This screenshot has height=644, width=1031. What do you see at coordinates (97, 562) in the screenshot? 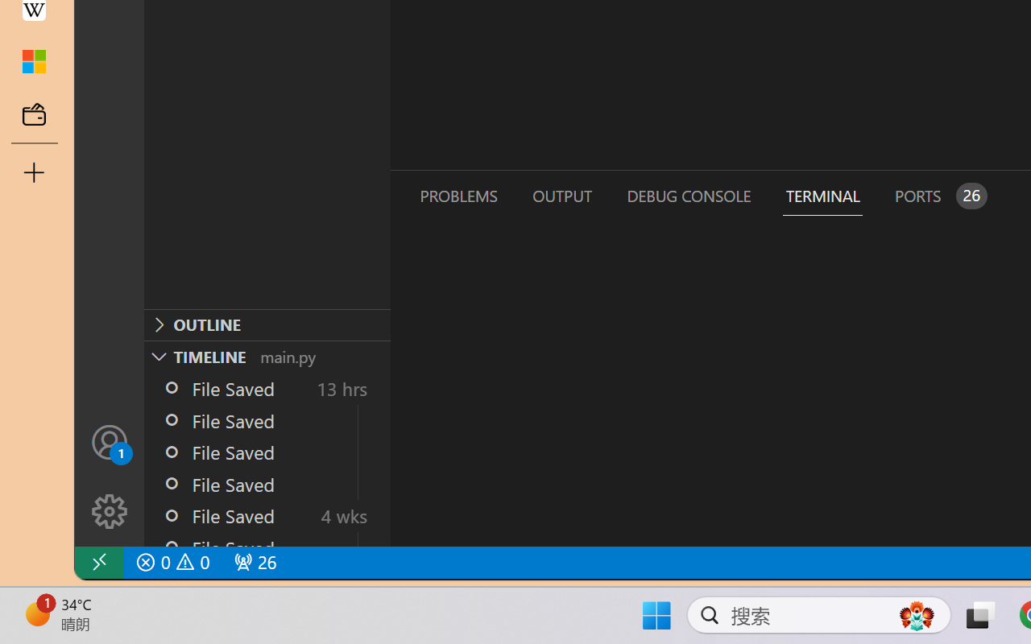
I see `'remote'` at bounding box center [97, 562].